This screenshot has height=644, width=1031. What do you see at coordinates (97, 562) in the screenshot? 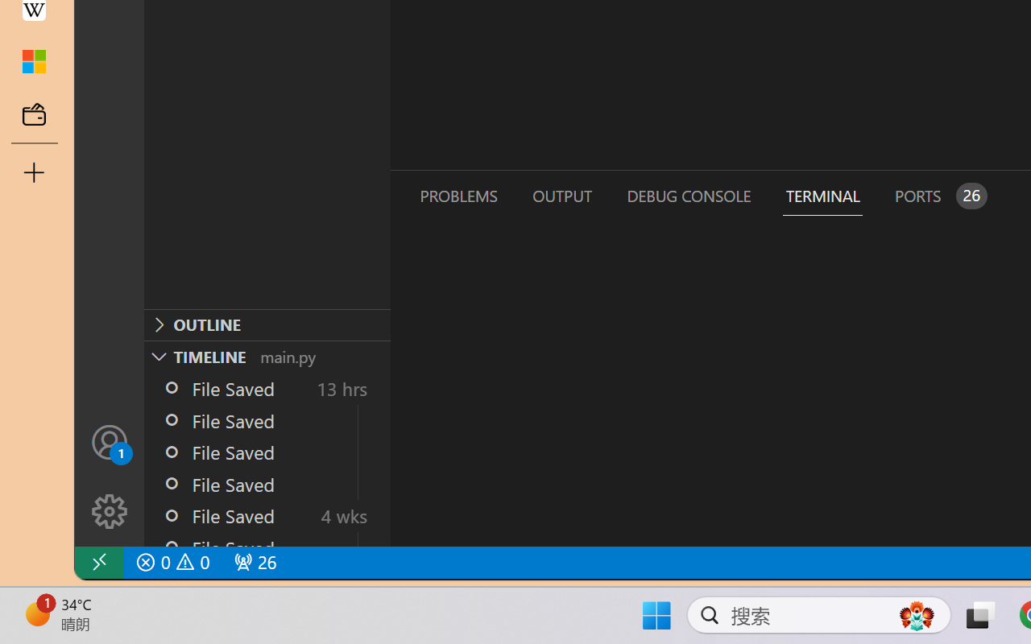
I see `'remote'` at bounding box center [97, 562].